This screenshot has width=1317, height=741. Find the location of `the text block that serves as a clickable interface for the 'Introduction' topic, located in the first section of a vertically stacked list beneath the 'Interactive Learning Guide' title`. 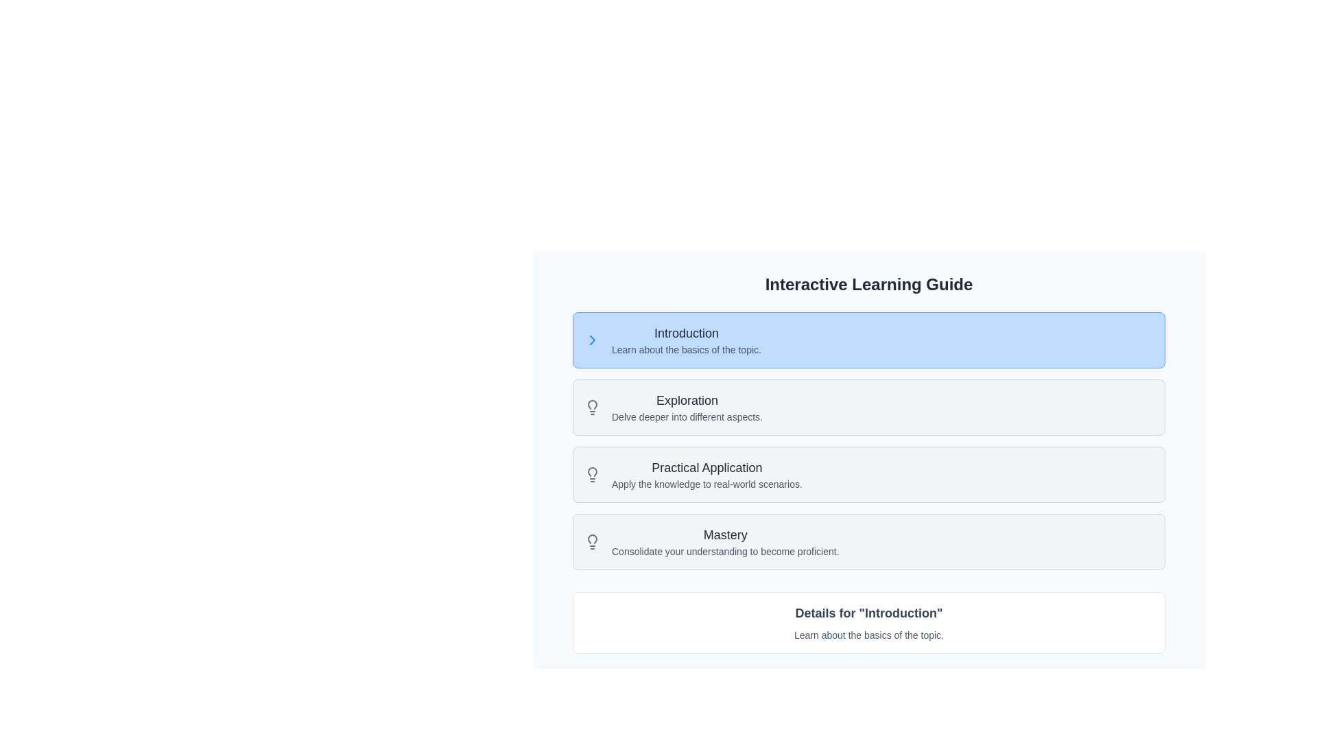

the text block that serves as a clickable interface for the 'Introduction' topic, located in the first section of a vertically stacked list beneath the 'Interactive Learning Guide' title is located at coordinates (686, 340).